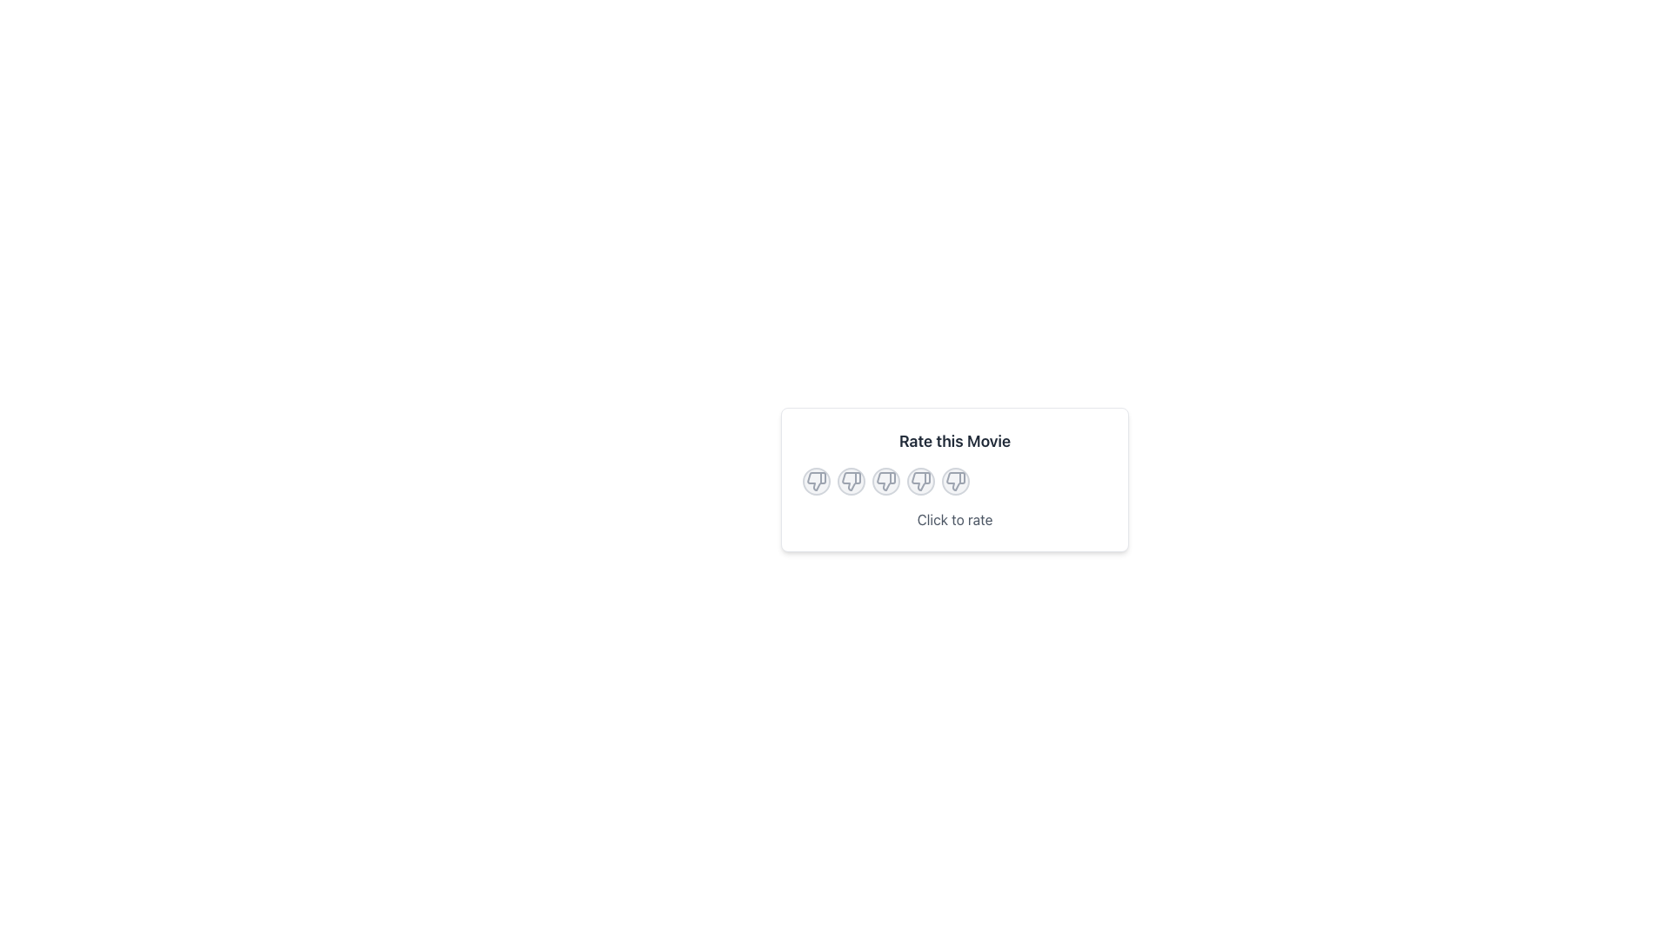 The height and width of the screenshot is (939, 1670). I want to click on the first rating icon for keyboard navigation, located in the 'Rate this Movie' section, so click(816, 482).